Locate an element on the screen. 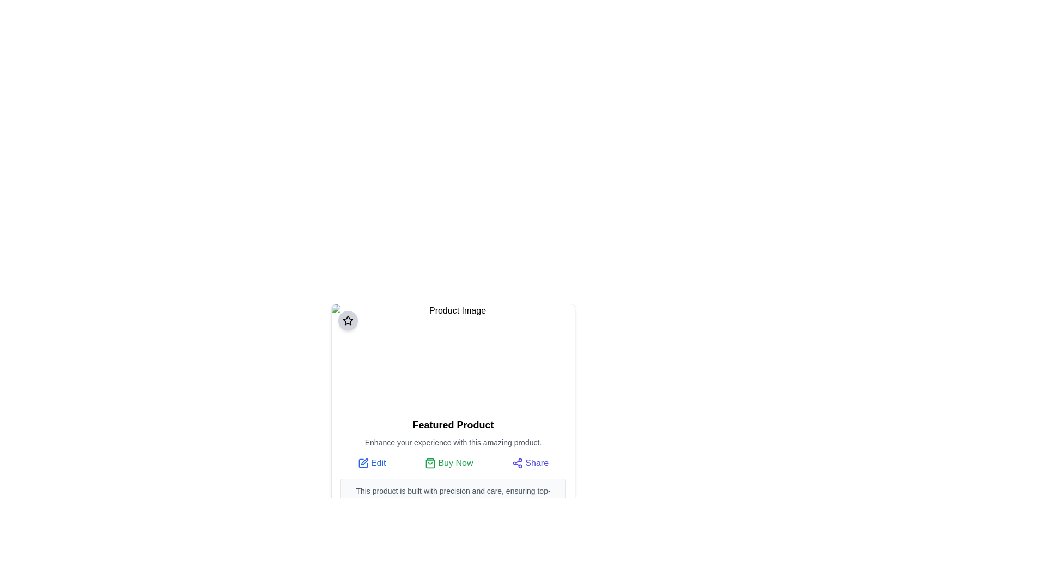 Image resolution: width=1046 pixels, height=588 pixels. the green 'Buy Now' button with a shopping bag icon located centrally in the button group 'Edit Buy Now Share' to initiate purchase is located at coordinates (449, 463).